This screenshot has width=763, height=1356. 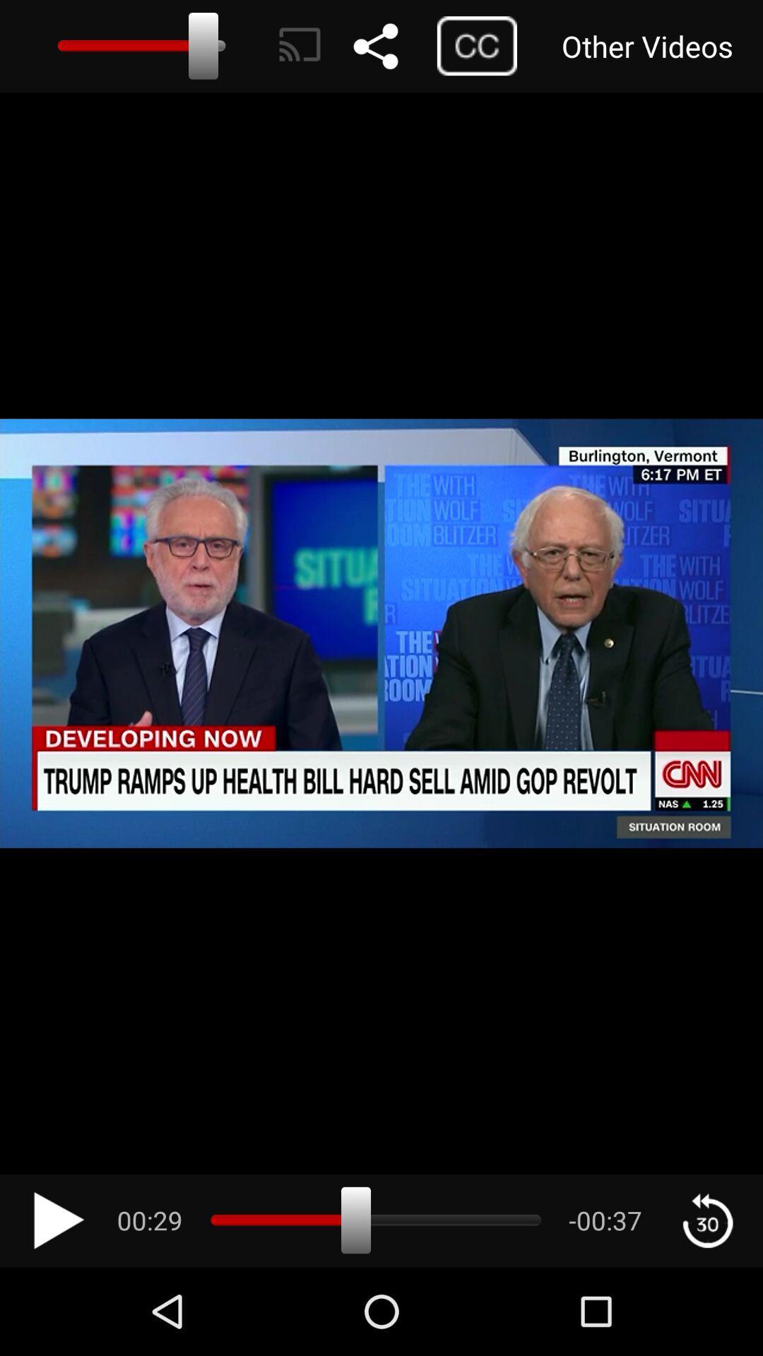 What do you see at coordinates (707, 1220) in the screenshot?
I see `the av_rewind icon` at bounding box center [707, 1220].